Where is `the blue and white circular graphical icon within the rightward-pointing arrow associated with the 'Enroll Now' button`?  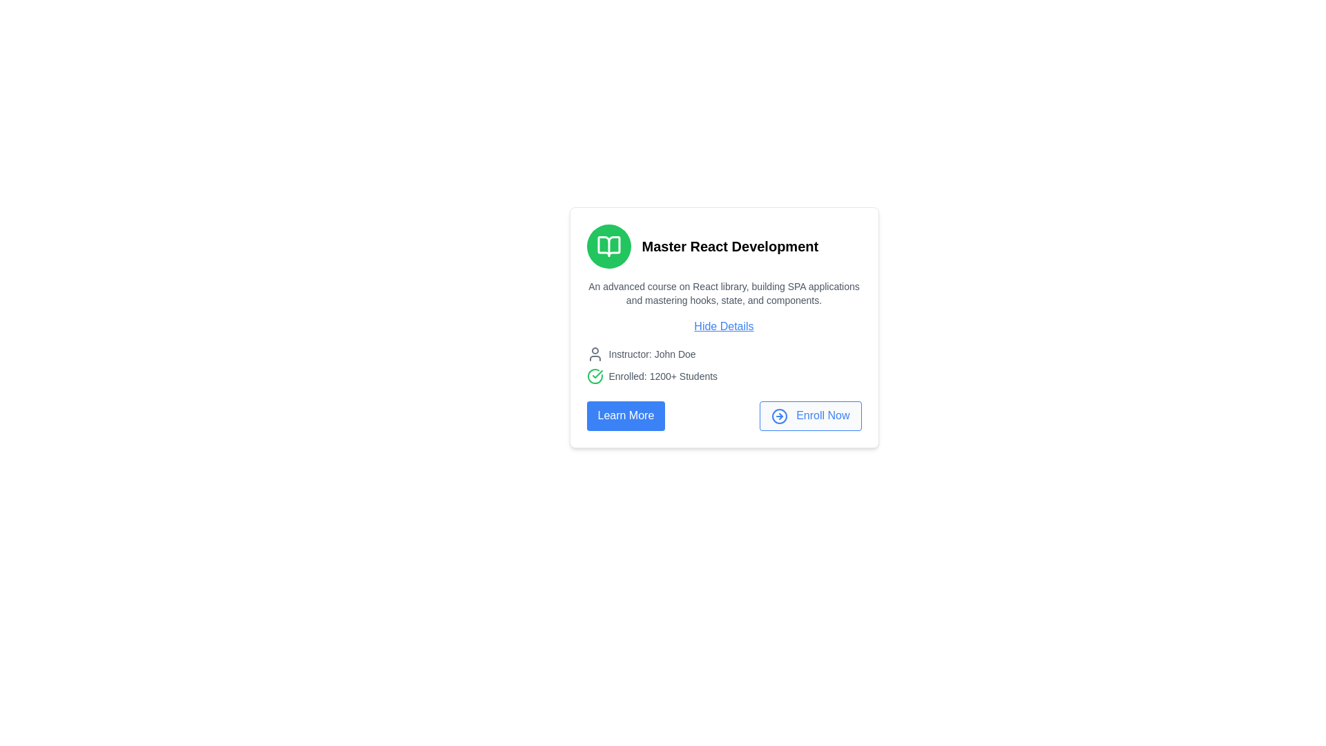 the blue and white circular graphical icon within the rightward-pointing arrow associated with the 'Enroll Now' button is located at coordinates (779, 415).